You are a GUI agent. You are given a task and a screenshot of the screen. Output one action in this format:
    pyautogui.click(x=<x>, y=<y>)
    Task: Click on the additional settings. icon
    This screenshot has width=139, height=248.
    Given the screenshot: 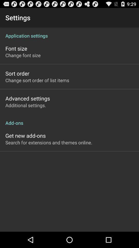 What is the action you would take?
    pyautogui.click(x=25, y=105)
    